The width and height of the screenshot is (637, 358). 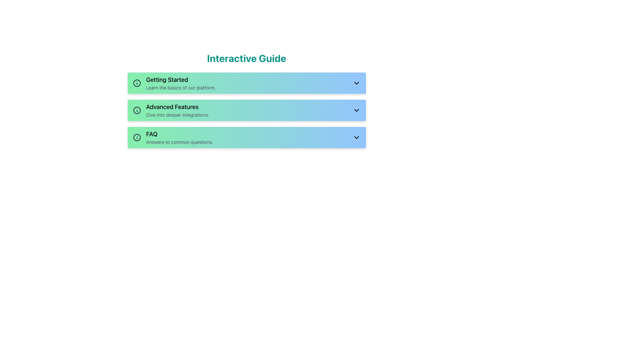 What do you see at coordinates (136, 83) in the screenshot?
I see `the circular SVG element that is part of an icon located to the left of the 'Getting Started' text label` at bounding box center [136, 83].